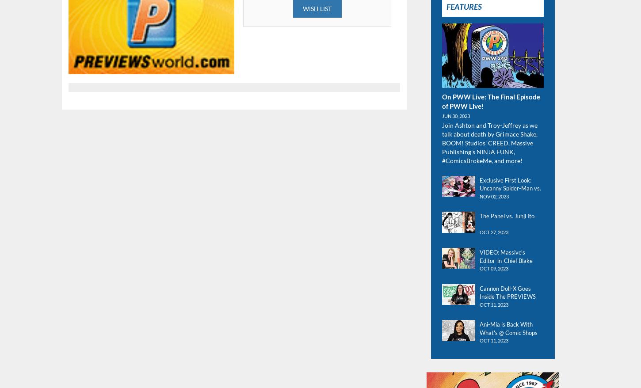  I want to click on 'Exclusive First Look: Uncanny Spider-Man vs. Silver Sable!', so click(510, 188).